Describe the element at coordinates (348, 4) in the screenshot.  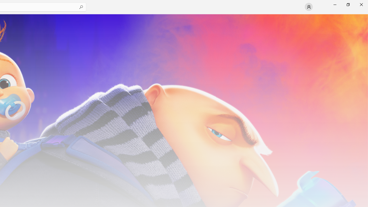
I see `'Restore Microsoft Store'` at that location.